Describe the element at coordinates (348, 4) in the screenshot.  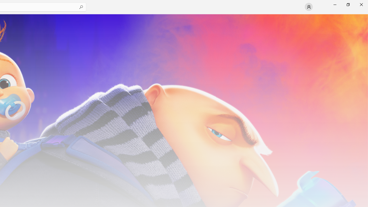
I see `'Restore Microsoft Store'` at that location.